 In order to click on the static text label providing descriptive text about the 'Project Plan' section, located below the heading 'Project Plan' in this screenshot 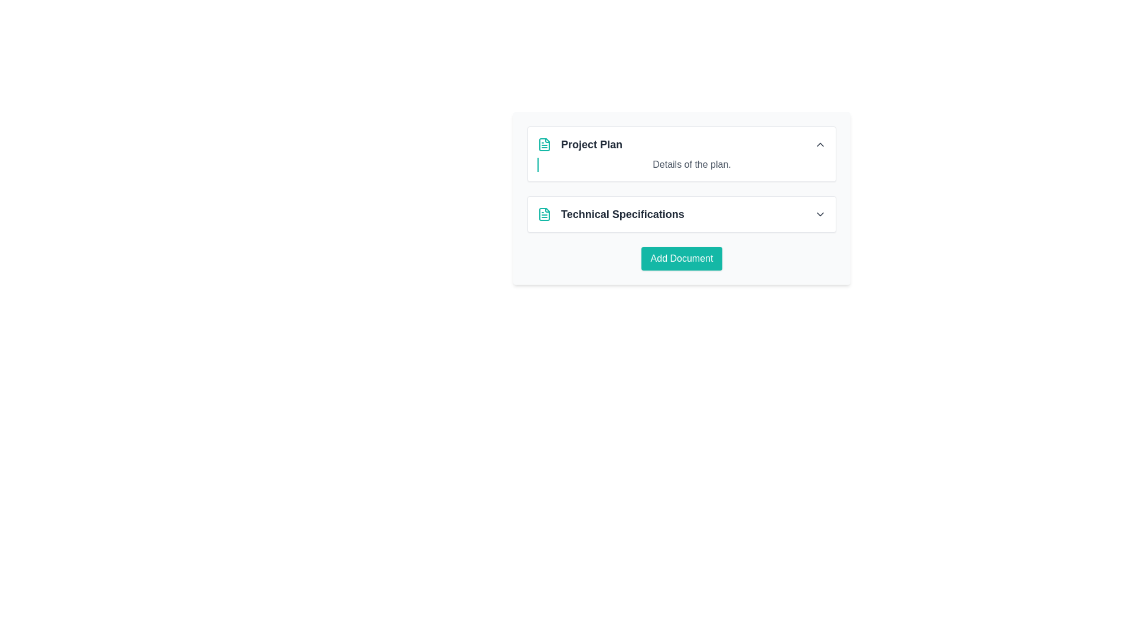, I will do `click(692, 164)`.